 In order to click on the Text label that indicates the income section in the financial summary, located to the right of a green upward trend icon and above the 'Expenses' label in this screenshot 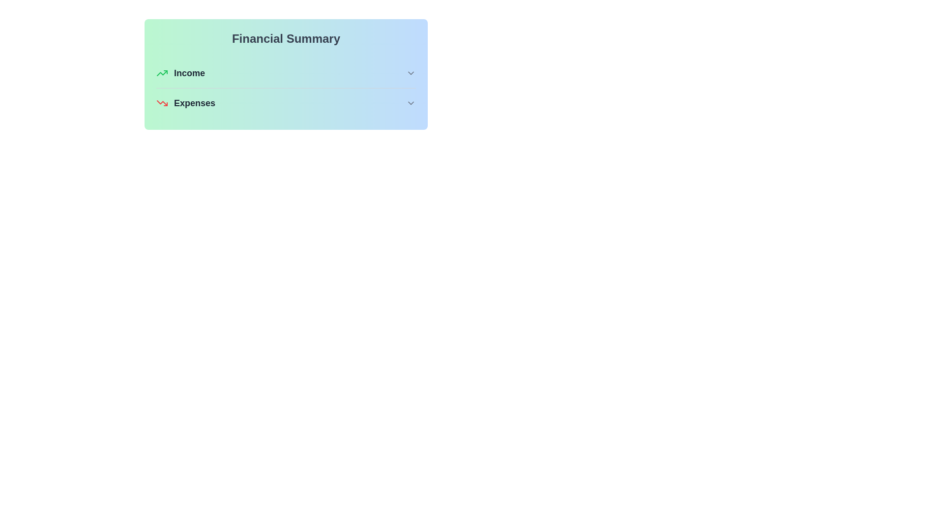, I will do `click(189, 73)`.